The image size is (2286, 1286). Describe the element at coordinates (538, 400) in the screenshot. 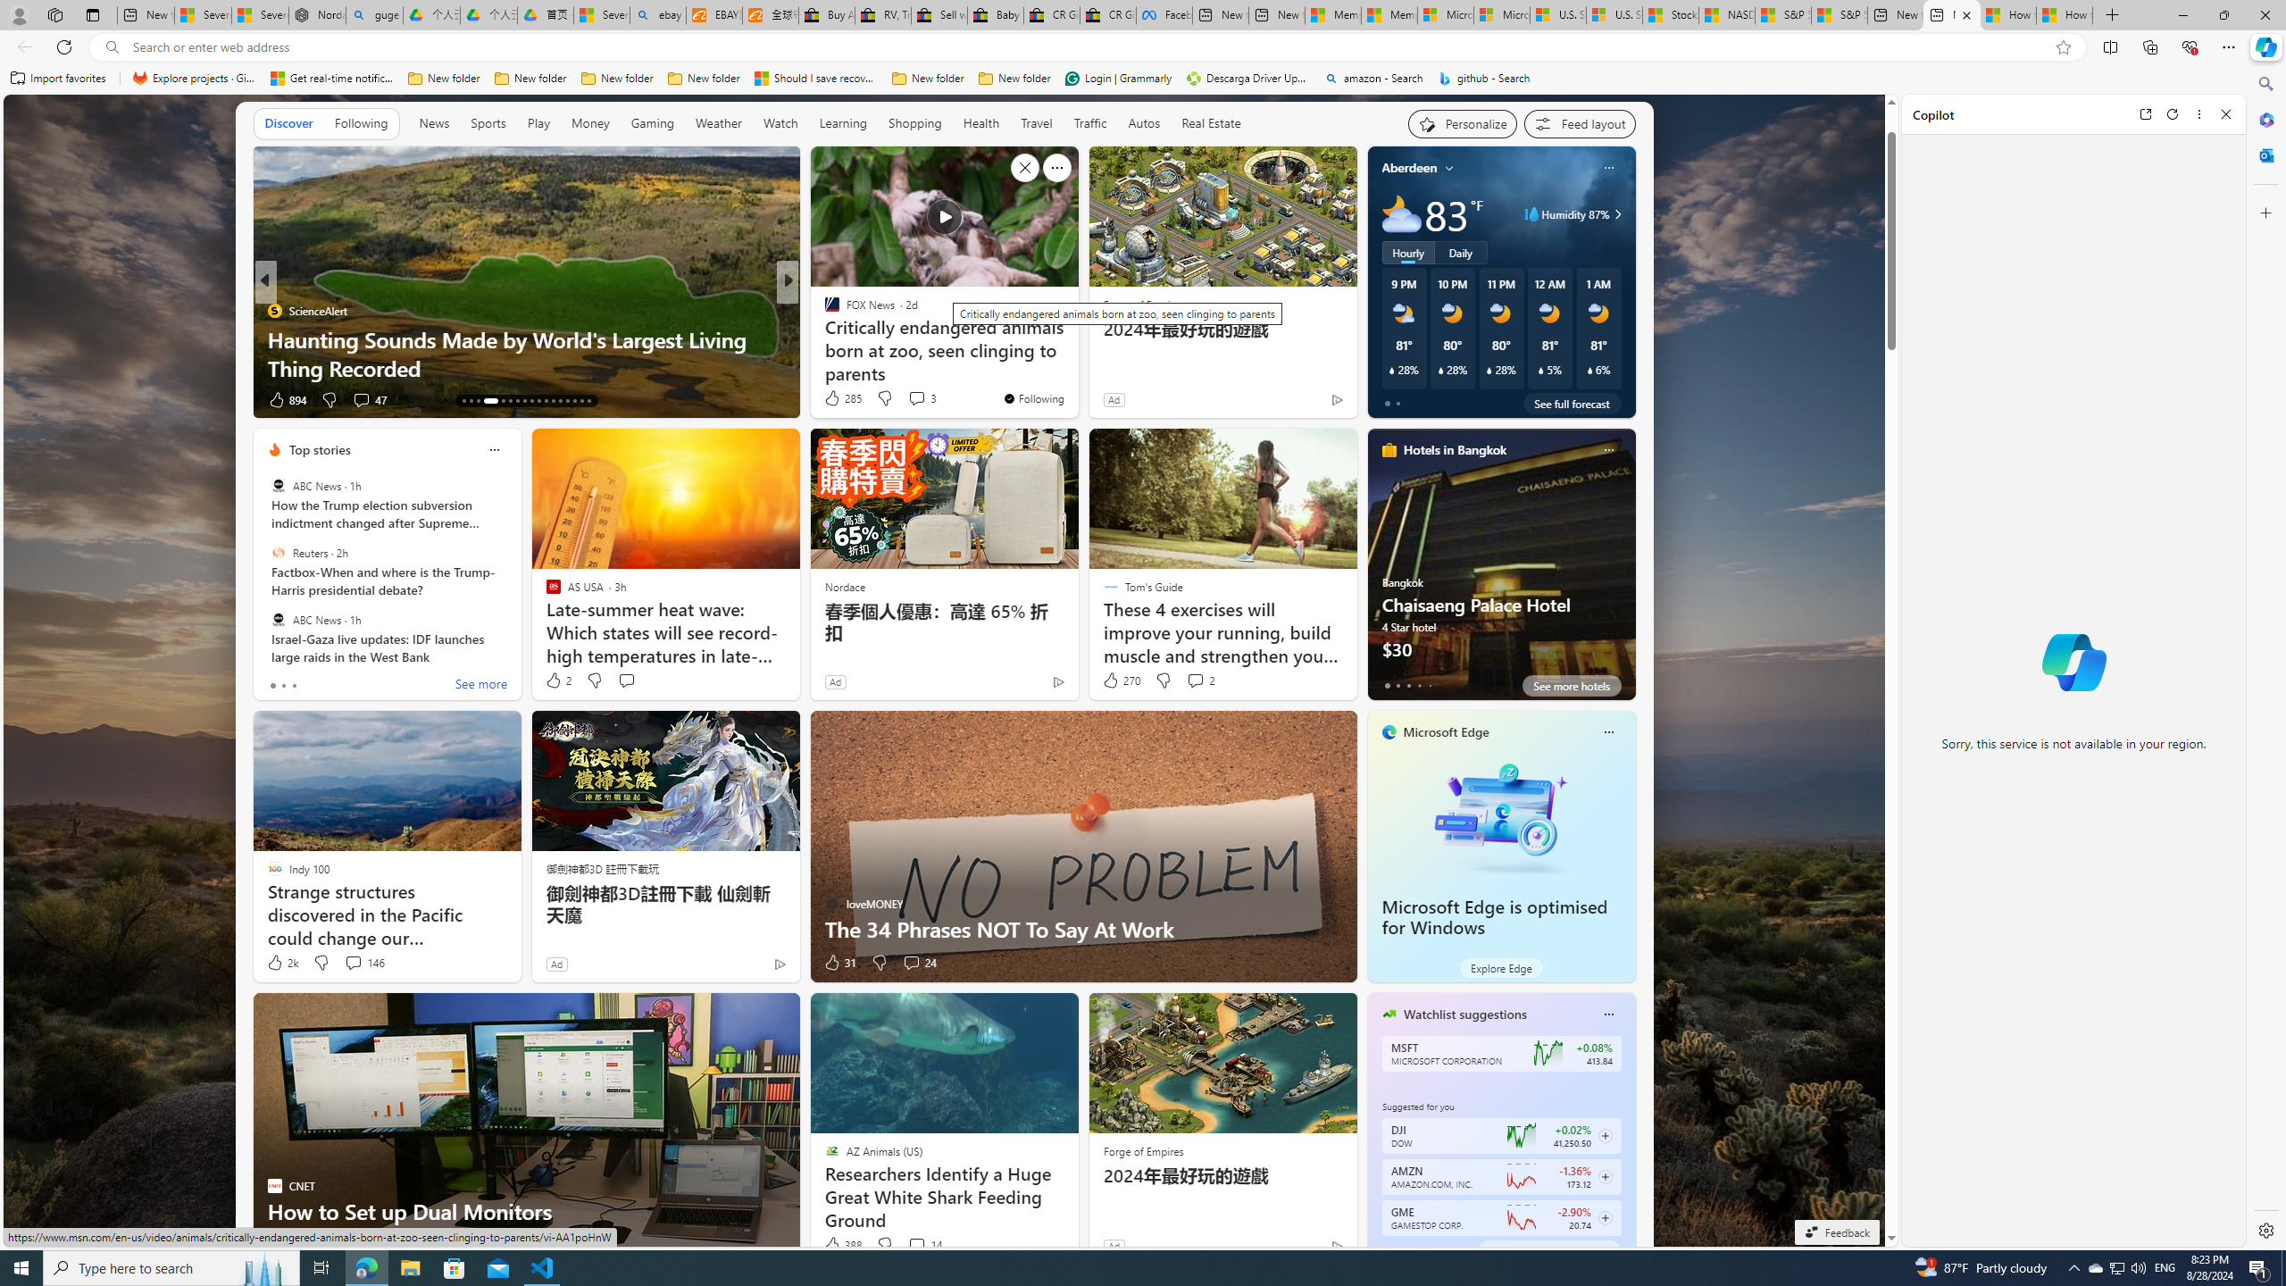

I see `'AutomationID: tab-22'` at that location.